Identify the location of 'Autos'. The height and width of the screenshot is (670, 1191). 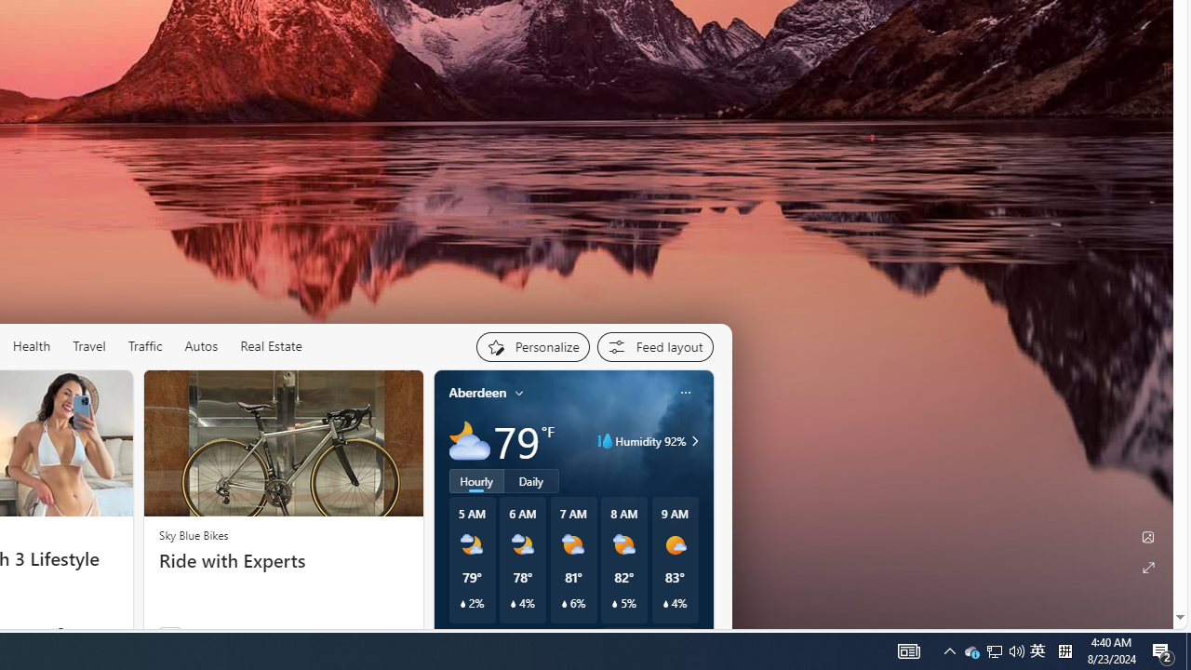
(201, 346).